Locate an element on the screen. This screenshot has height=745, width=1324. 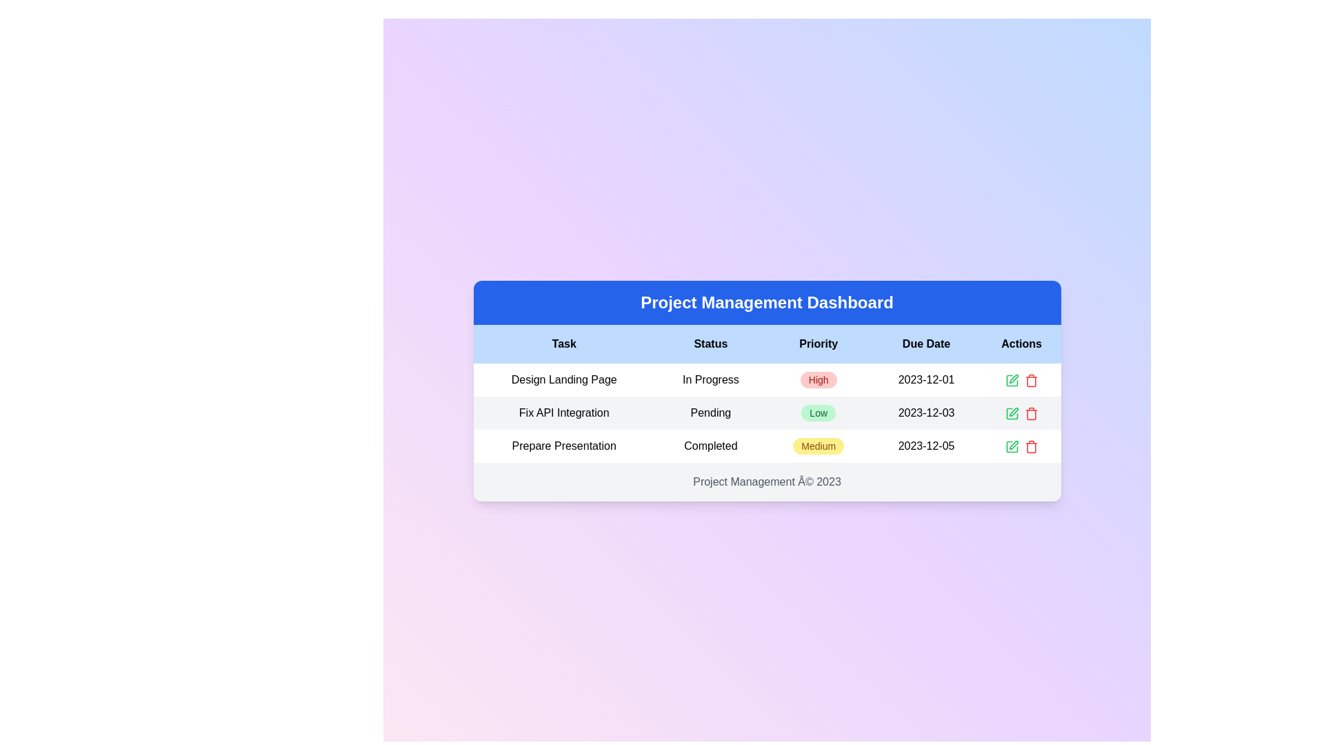
the green pen-shaped button in the 'Actions' column of the 'Fix API Integration' row is located at coordinates (1012, 412).